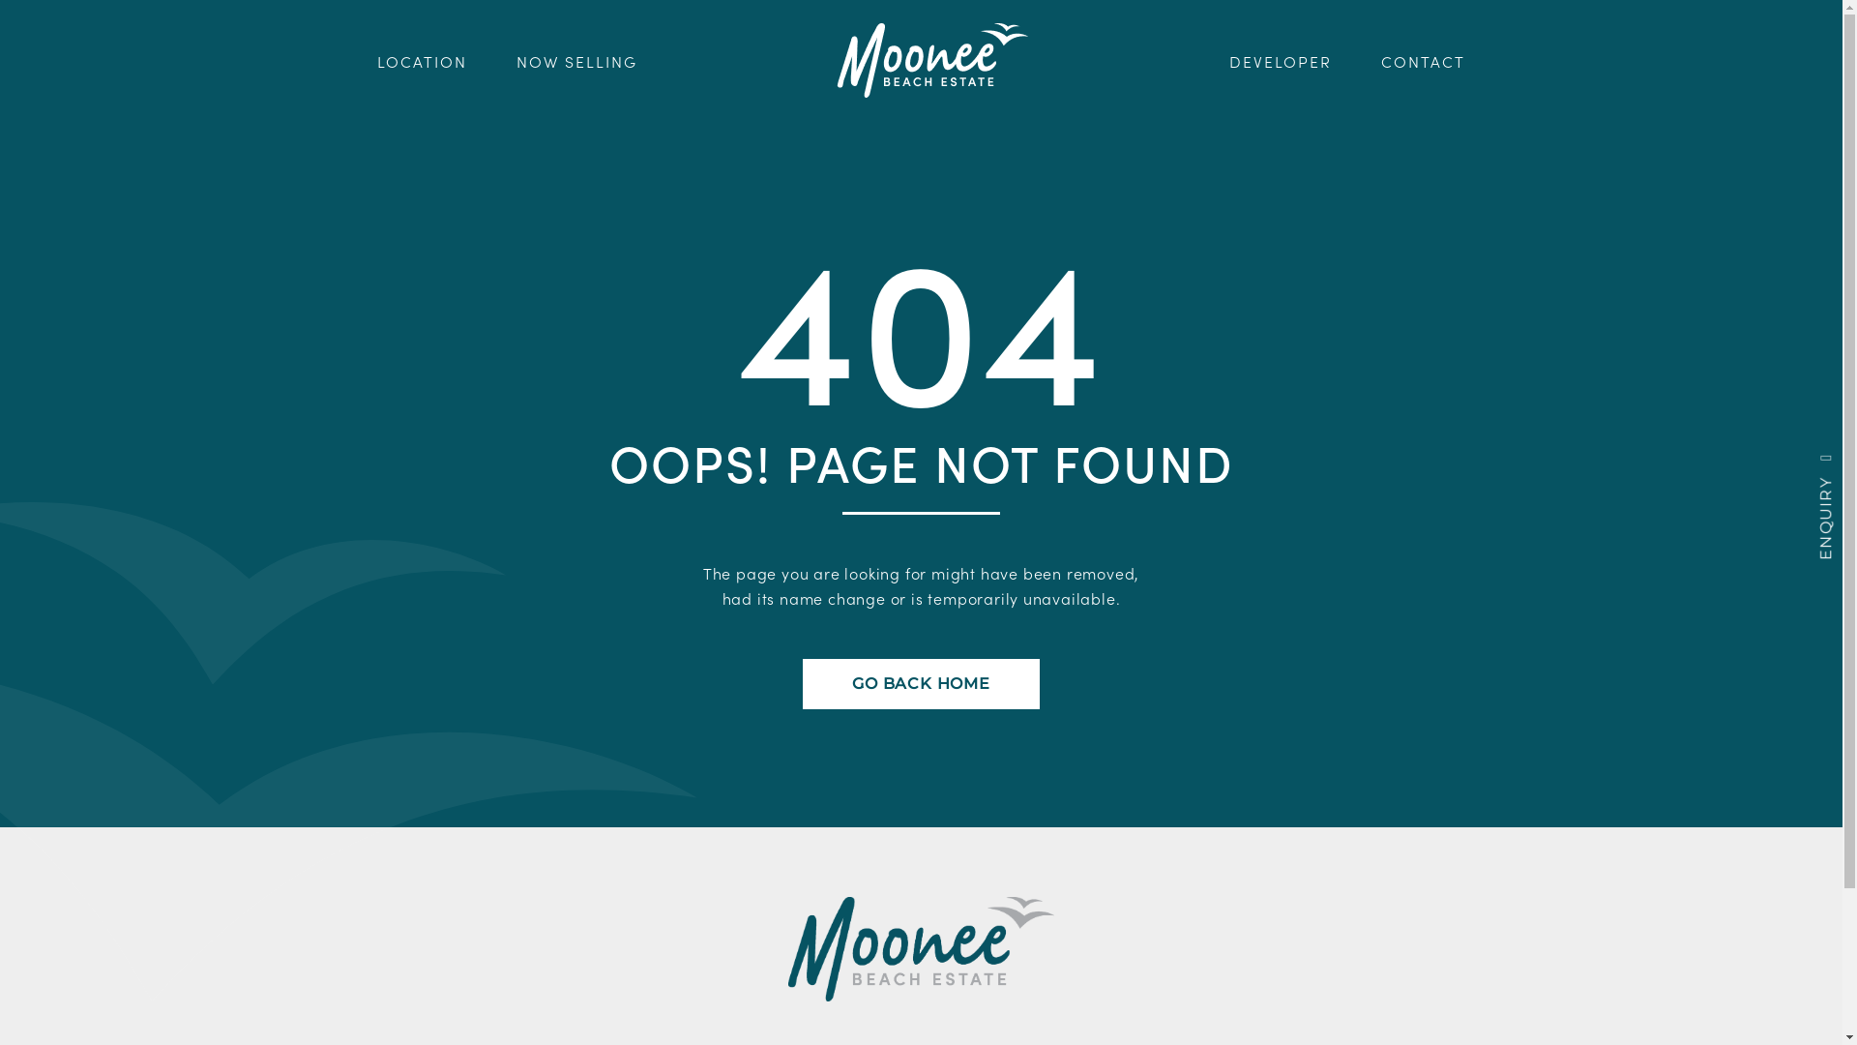 This screenshot has width=1857, height=1045. What do you see at coordinates (516, 58) in the screenshot?
I see `'NOW SELLING'` at bounding box center [516, 58].